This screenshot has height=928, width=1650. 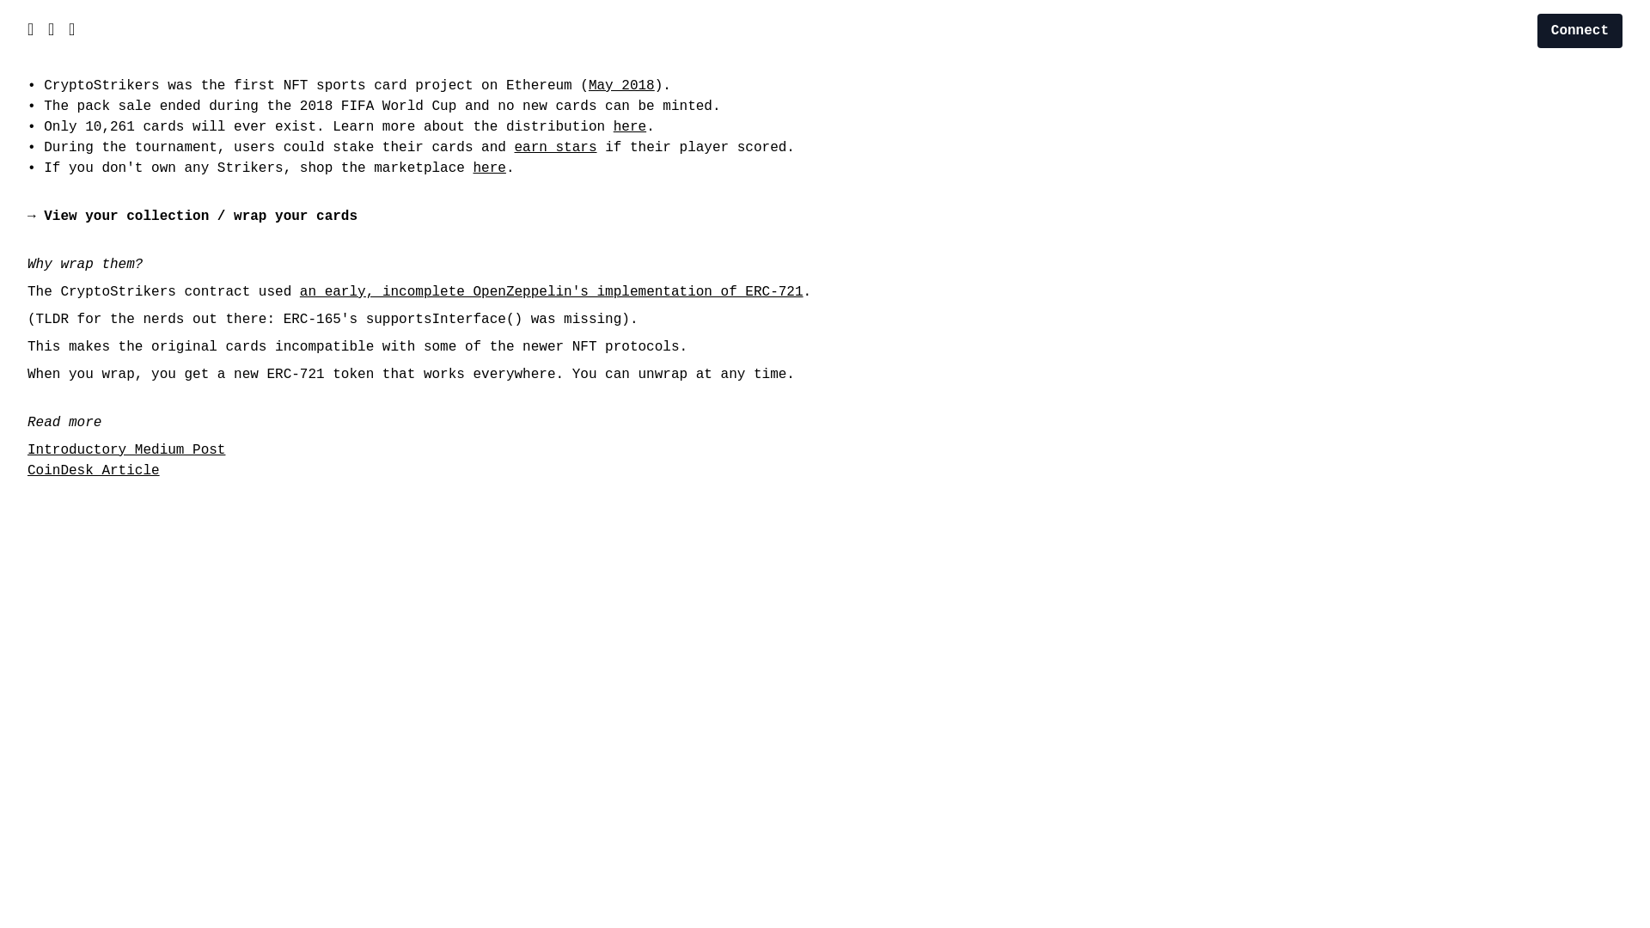 I want to click on 'CoinDesk Article', so click(x=27, y=470).